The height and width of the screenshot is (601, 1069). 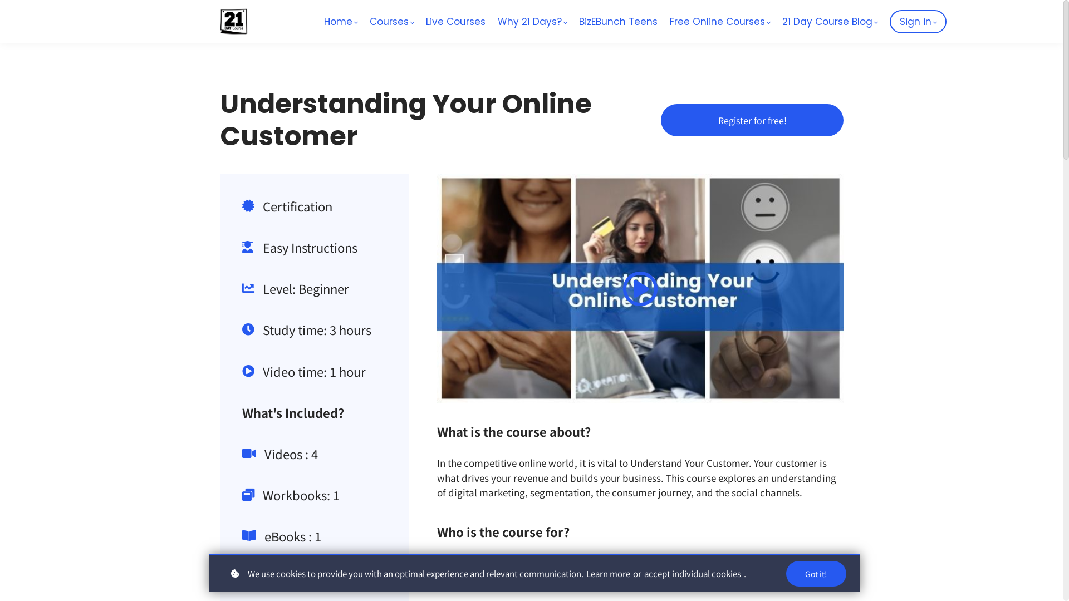 What do you see at coordinates (889, 21) in the screenshot?
I see `'Sign in'` at bounding box center [889, 21].